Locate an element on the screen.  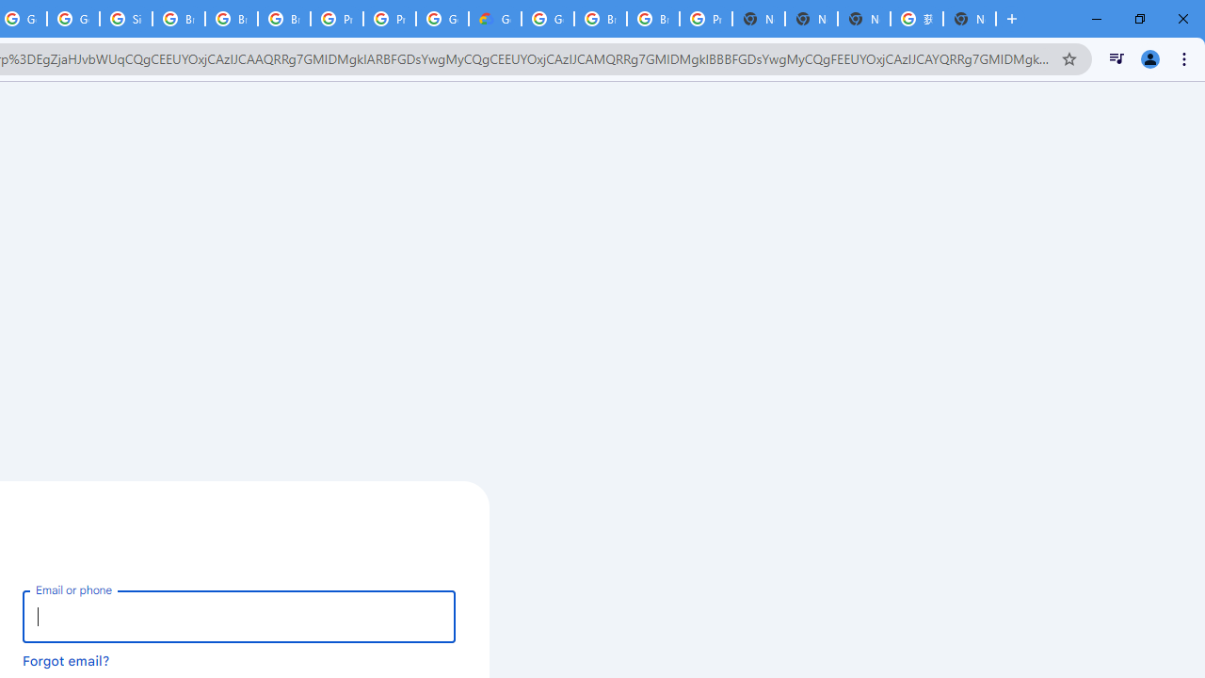
'Forgot email?' is located at coordinates (66, 659).